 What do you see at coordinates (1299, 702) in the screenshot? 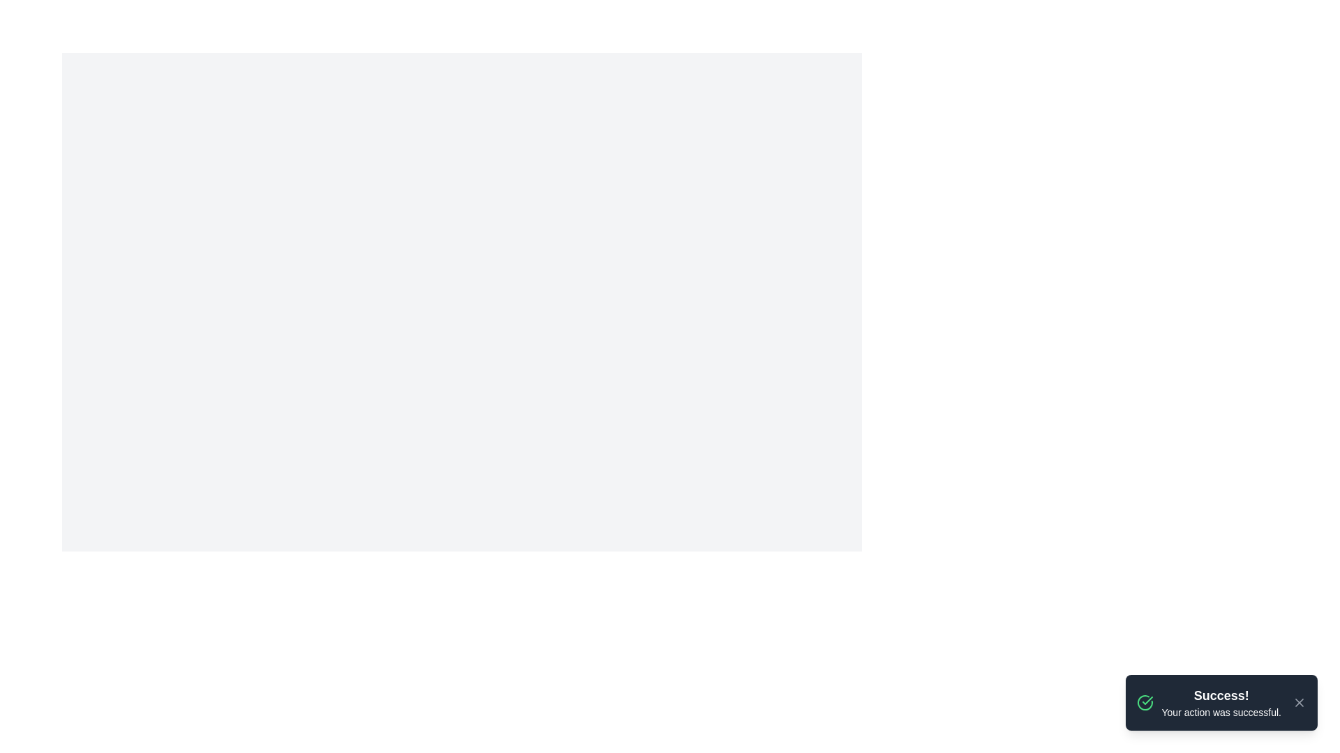
I see `the dismiss button located in the bottom right corner of the notification pane` at bounding box center [1299, 702].